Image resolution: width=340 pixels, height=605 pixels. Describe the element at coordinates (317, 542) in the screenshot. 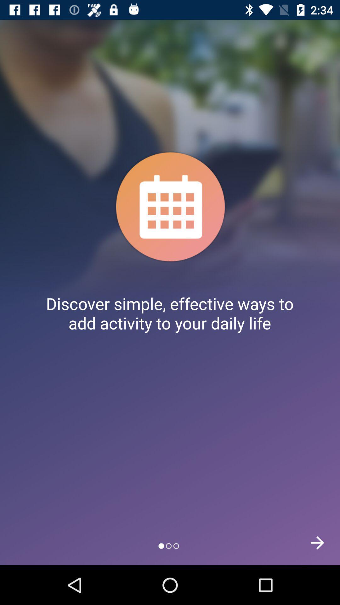

I see `the arrow` at that location.